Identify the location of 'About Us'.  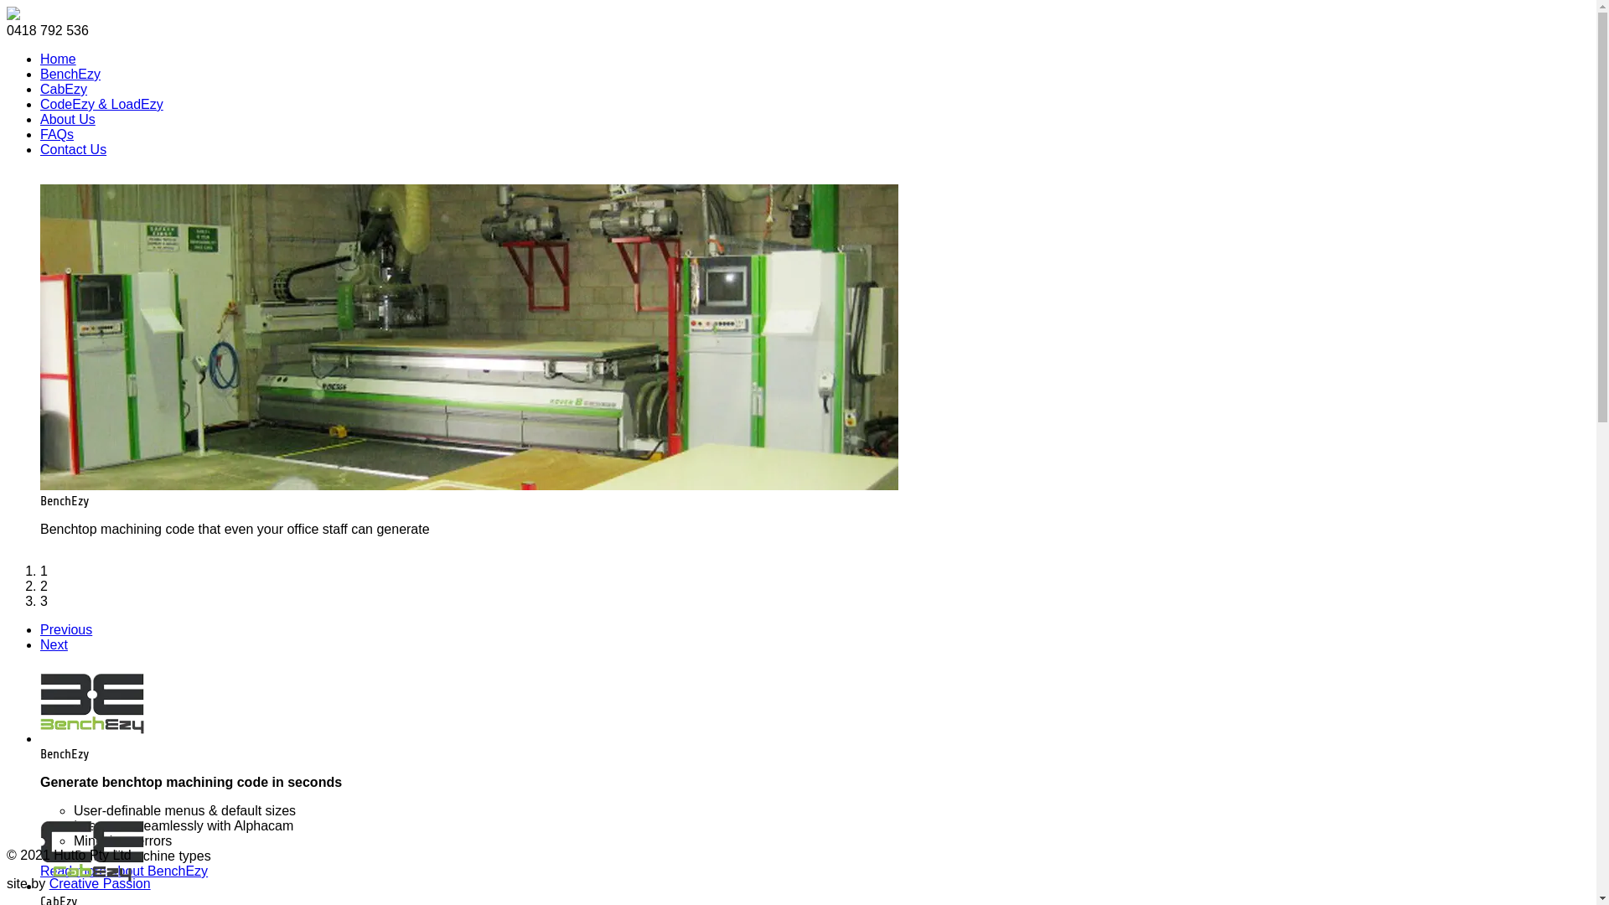
(40, 118).